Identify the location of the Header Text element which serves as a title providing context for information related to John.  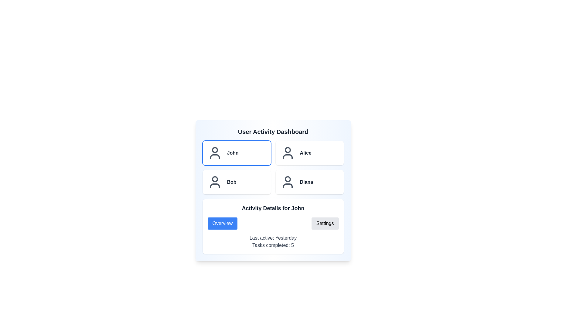
(273, 208).